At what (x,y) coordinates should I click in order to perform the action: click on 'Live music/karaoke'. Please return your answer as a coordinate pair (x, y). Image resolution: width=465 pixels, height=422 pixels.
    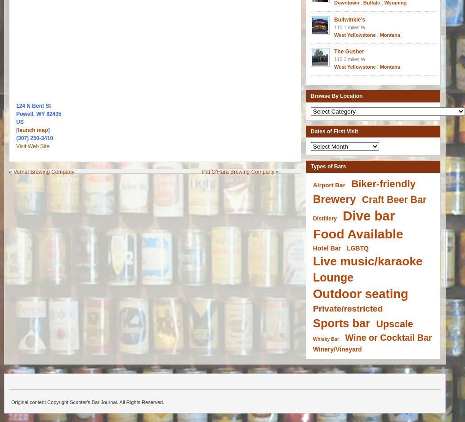
    Looking at the image, I should click on (367, 261).